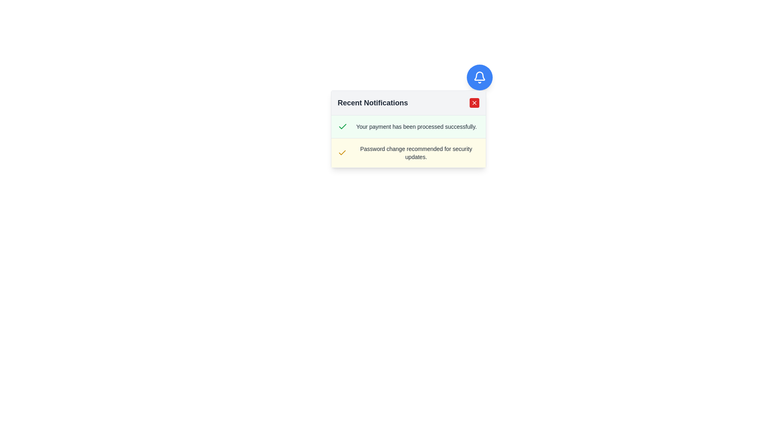  What do you see at coordinates (408, 153) in the screenshot?
I see `the notification message with a yellow background that recommends a password change for security updates, located below the payment processing notification` at bounding box center [408, 153].